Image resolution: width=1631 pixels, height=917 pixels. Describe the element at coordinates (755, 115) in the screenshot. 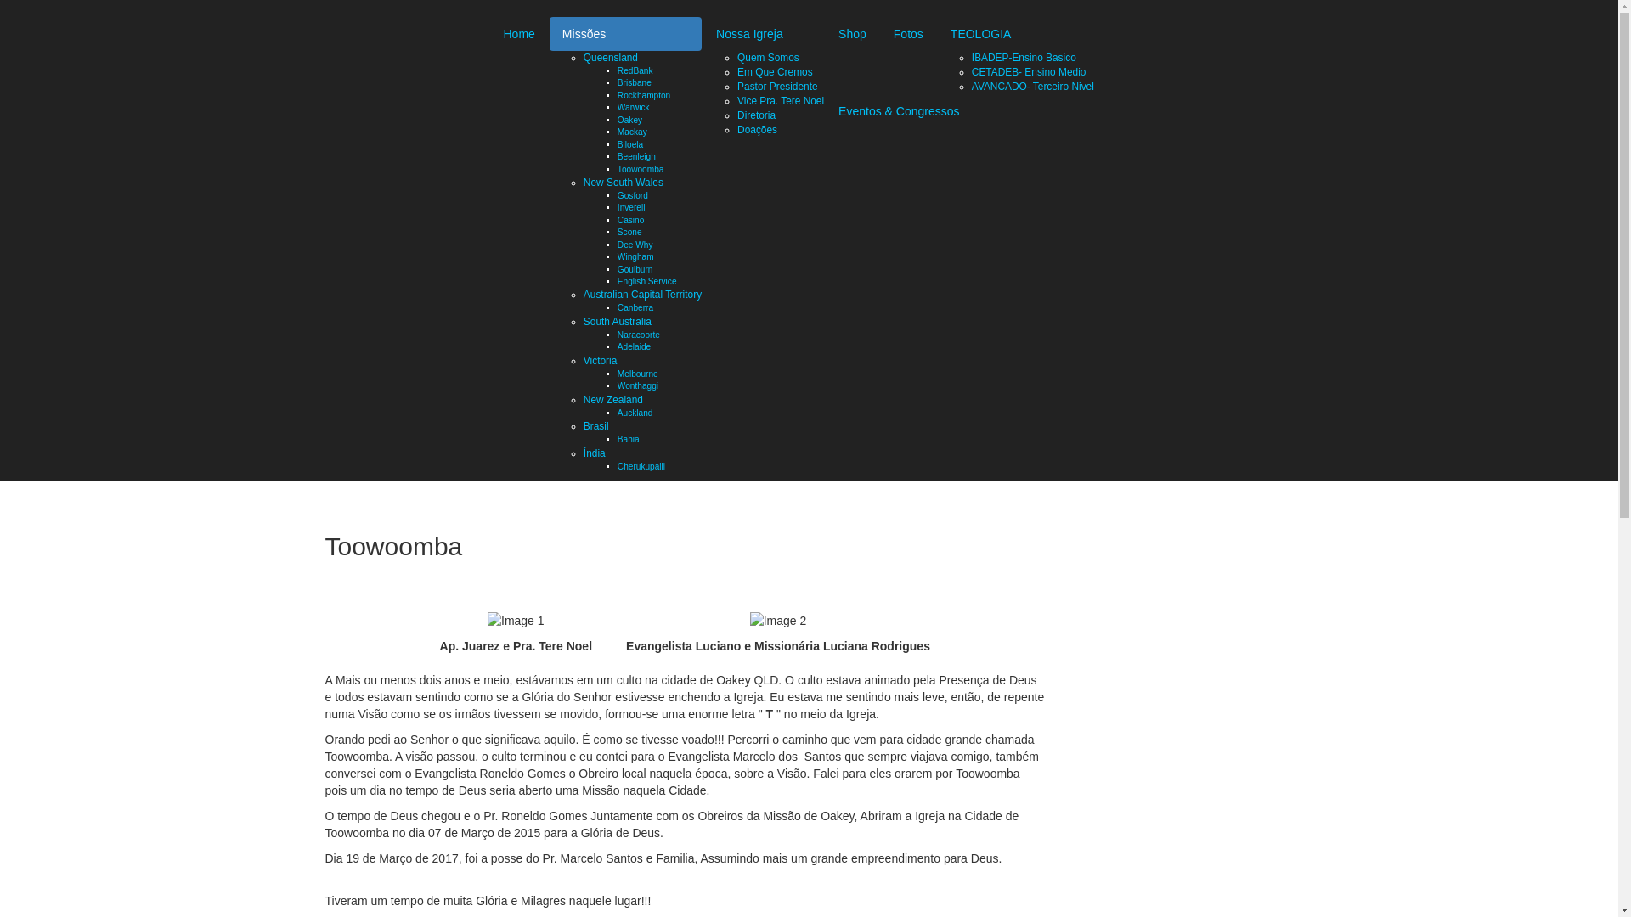

I see `'Diretoria'` at that location.